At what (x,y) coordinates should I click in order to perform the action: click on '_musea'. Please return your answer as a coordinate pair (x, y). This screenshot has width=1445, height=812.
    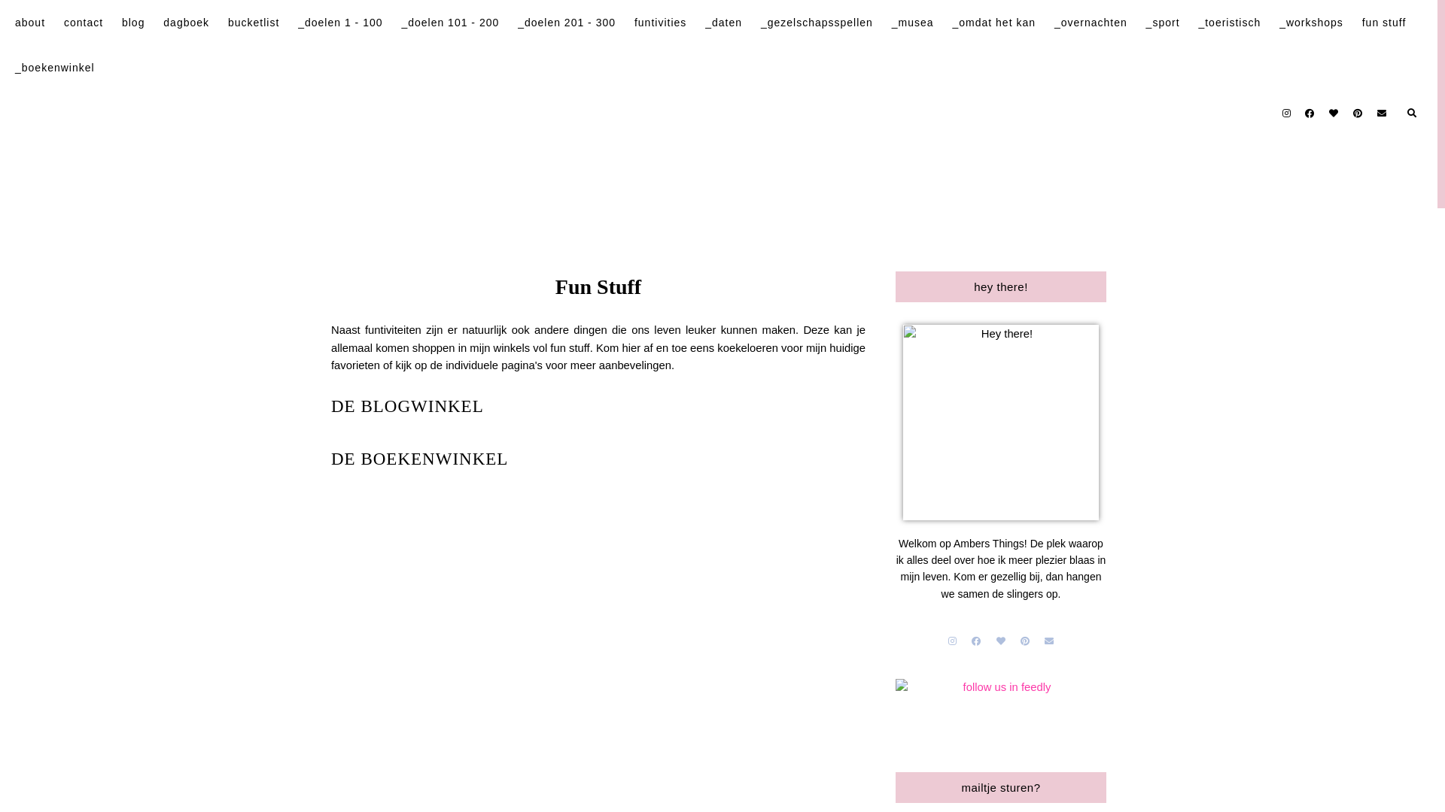
    Looking at the image, I should click on (912, 23).